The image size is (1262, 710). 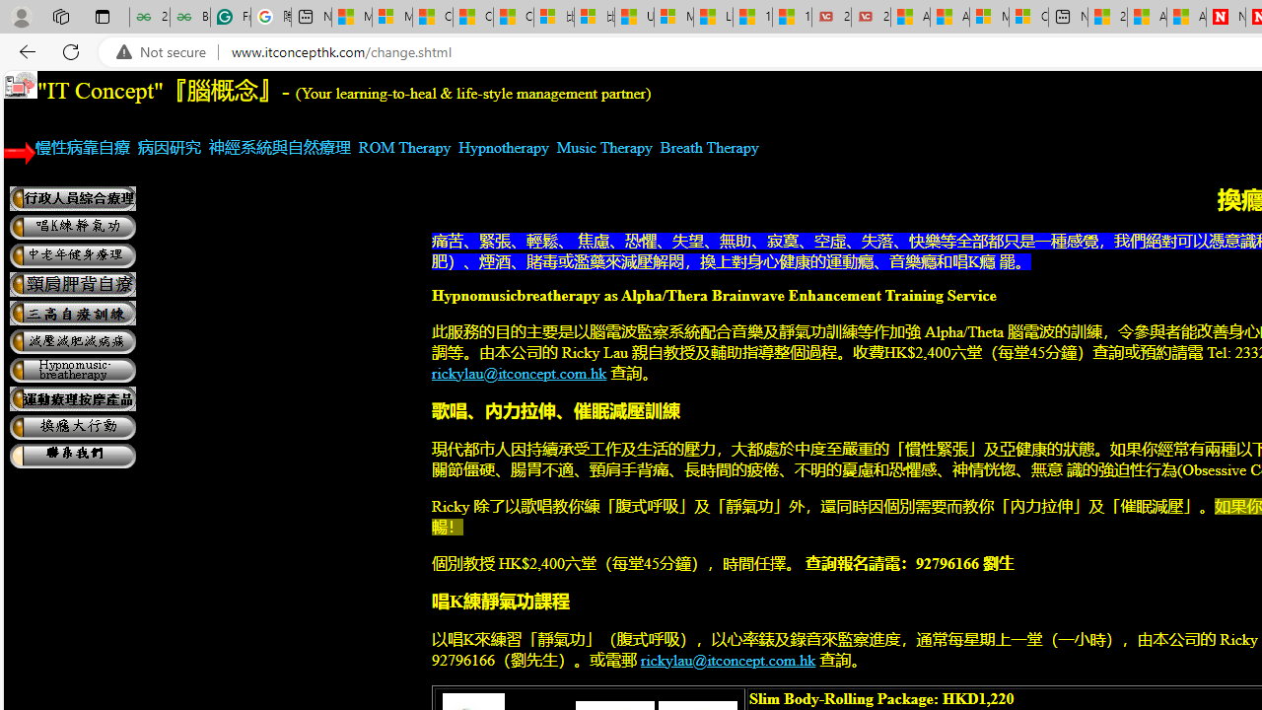 What do you see at coordinates (21, 16) in the screenshot?
I see `'Personal Profile'` at bounding box center [21, 16].